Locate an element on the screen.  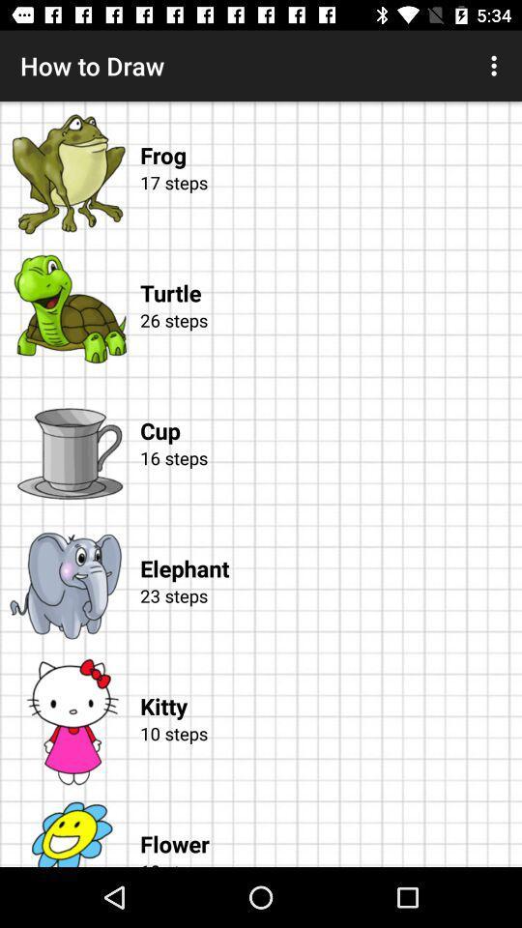
item below the 26 steps app is located at coordinates (330, 411).